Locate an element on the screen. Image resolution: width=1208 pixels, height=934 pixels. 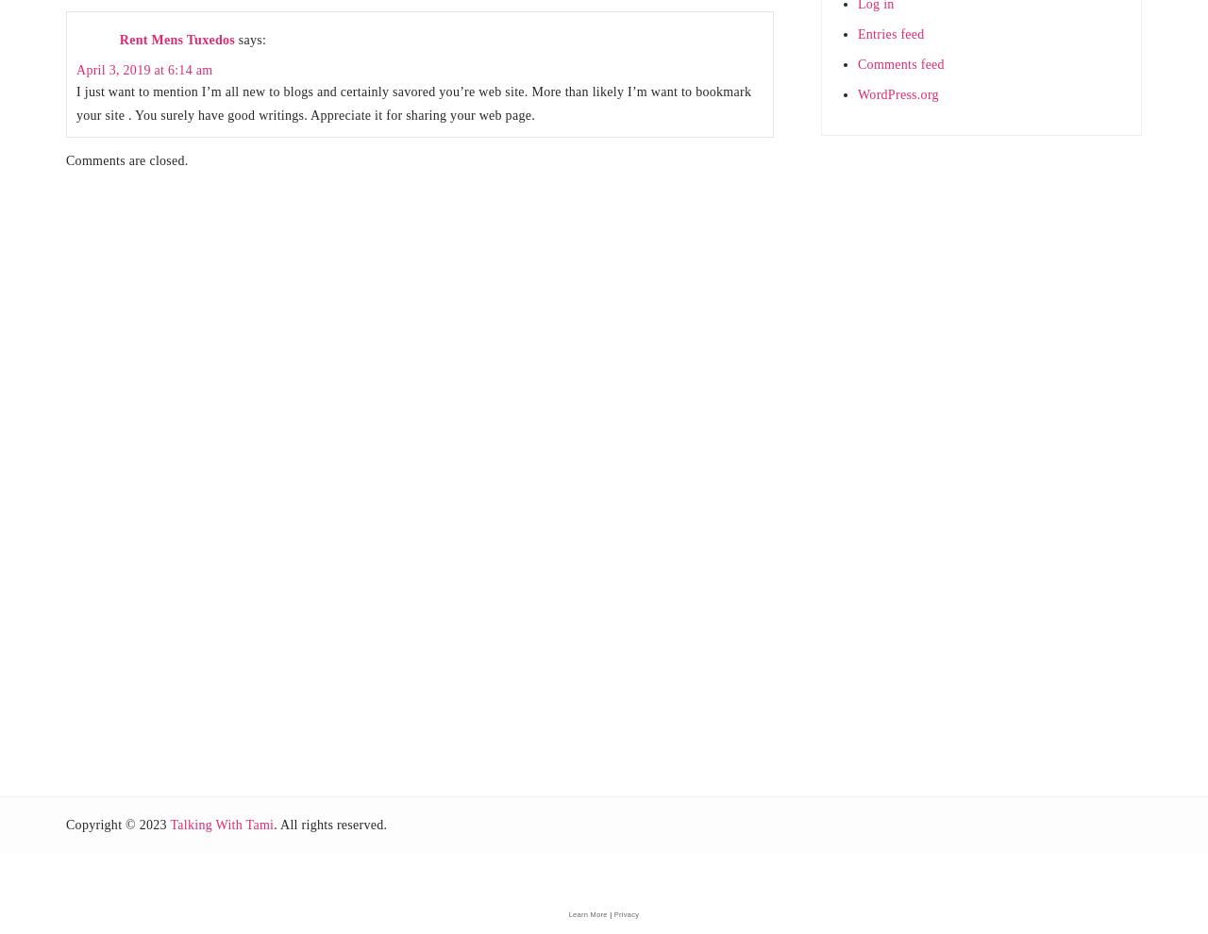
'Rent Mens Tuxedos' is located at coordinates (176, 38).